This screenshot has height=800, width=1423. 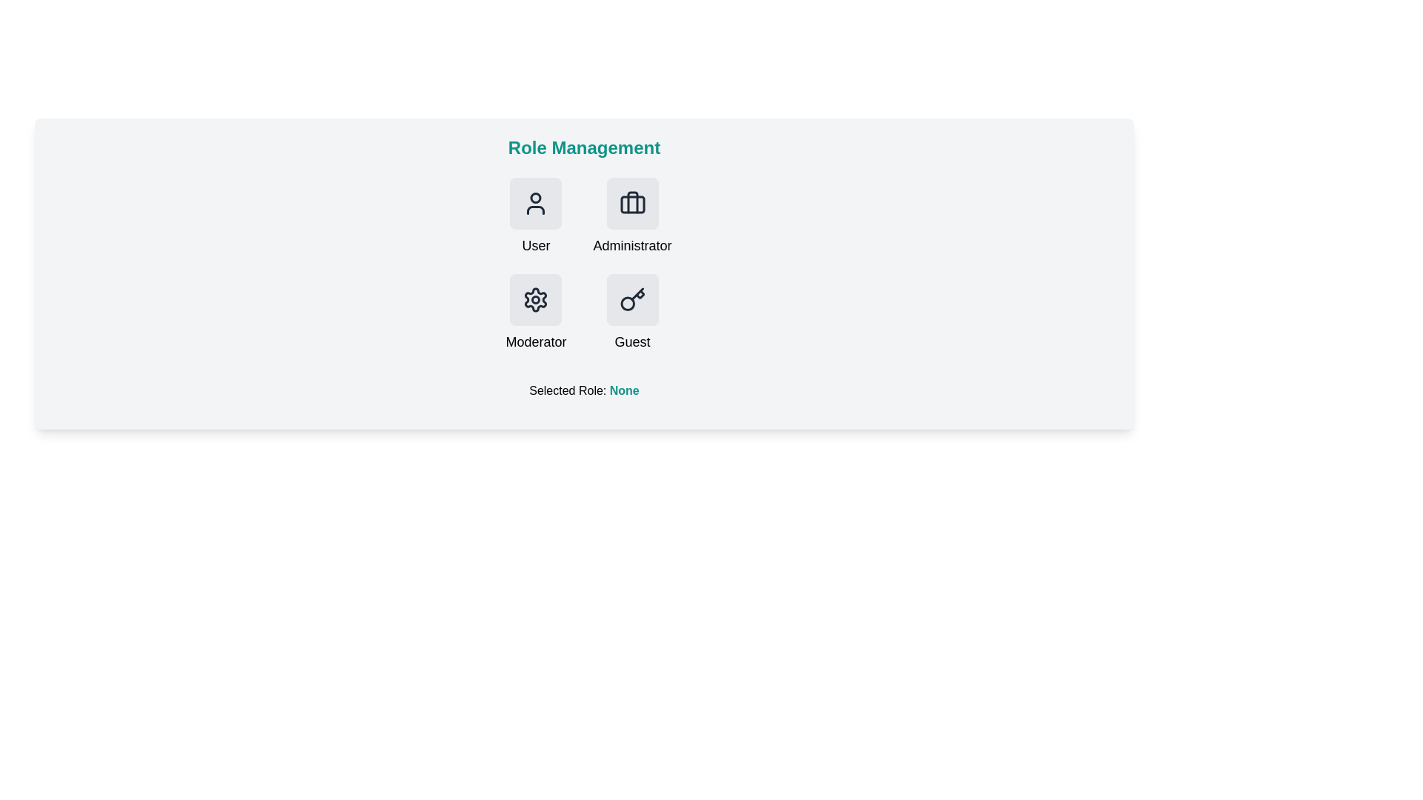 What do you see at coordinates (535, 313) in the screenshot?
I see `the 'Moderator' role selection card located in the second row, first column of the grid layout` at bounding box center [535, 313].